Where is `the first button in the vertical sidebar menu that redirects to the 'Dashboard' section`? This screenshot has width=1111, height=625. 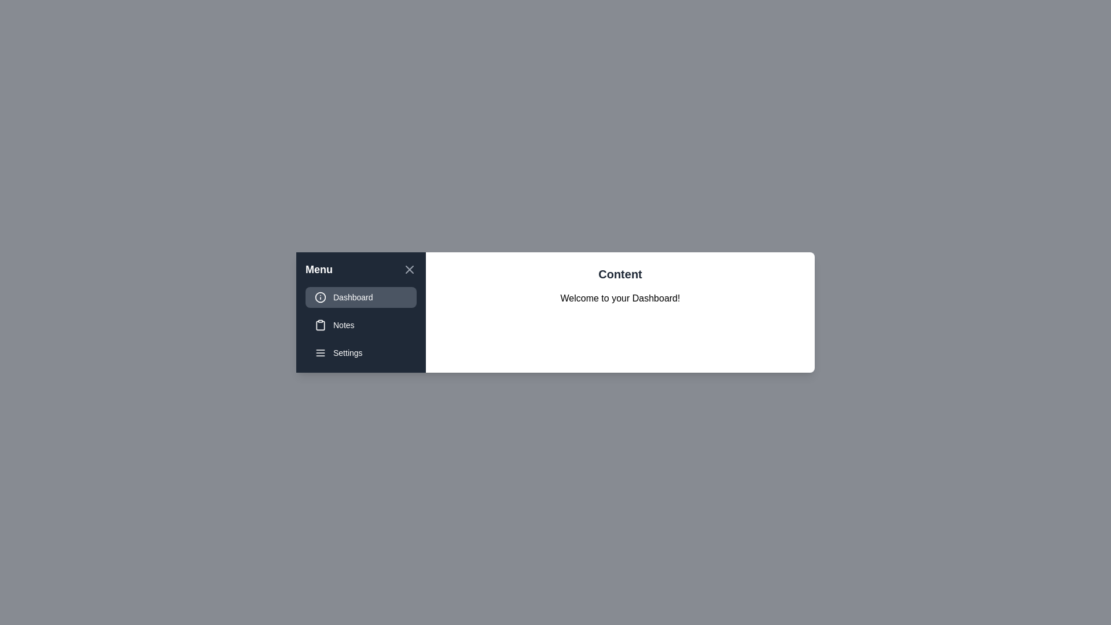
the first button in the vertical sidebar menu that redirects to the 'Dashboard' section is located at coordinates (360, 296).